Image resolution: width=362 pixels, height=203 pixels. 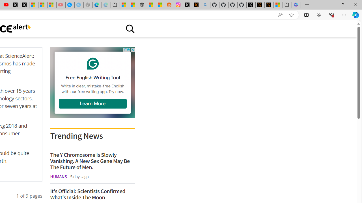 What do you see at coordinates (58, 176) in the screenshot?
I see `'HUMANS'` at bounding box center [58, 176].